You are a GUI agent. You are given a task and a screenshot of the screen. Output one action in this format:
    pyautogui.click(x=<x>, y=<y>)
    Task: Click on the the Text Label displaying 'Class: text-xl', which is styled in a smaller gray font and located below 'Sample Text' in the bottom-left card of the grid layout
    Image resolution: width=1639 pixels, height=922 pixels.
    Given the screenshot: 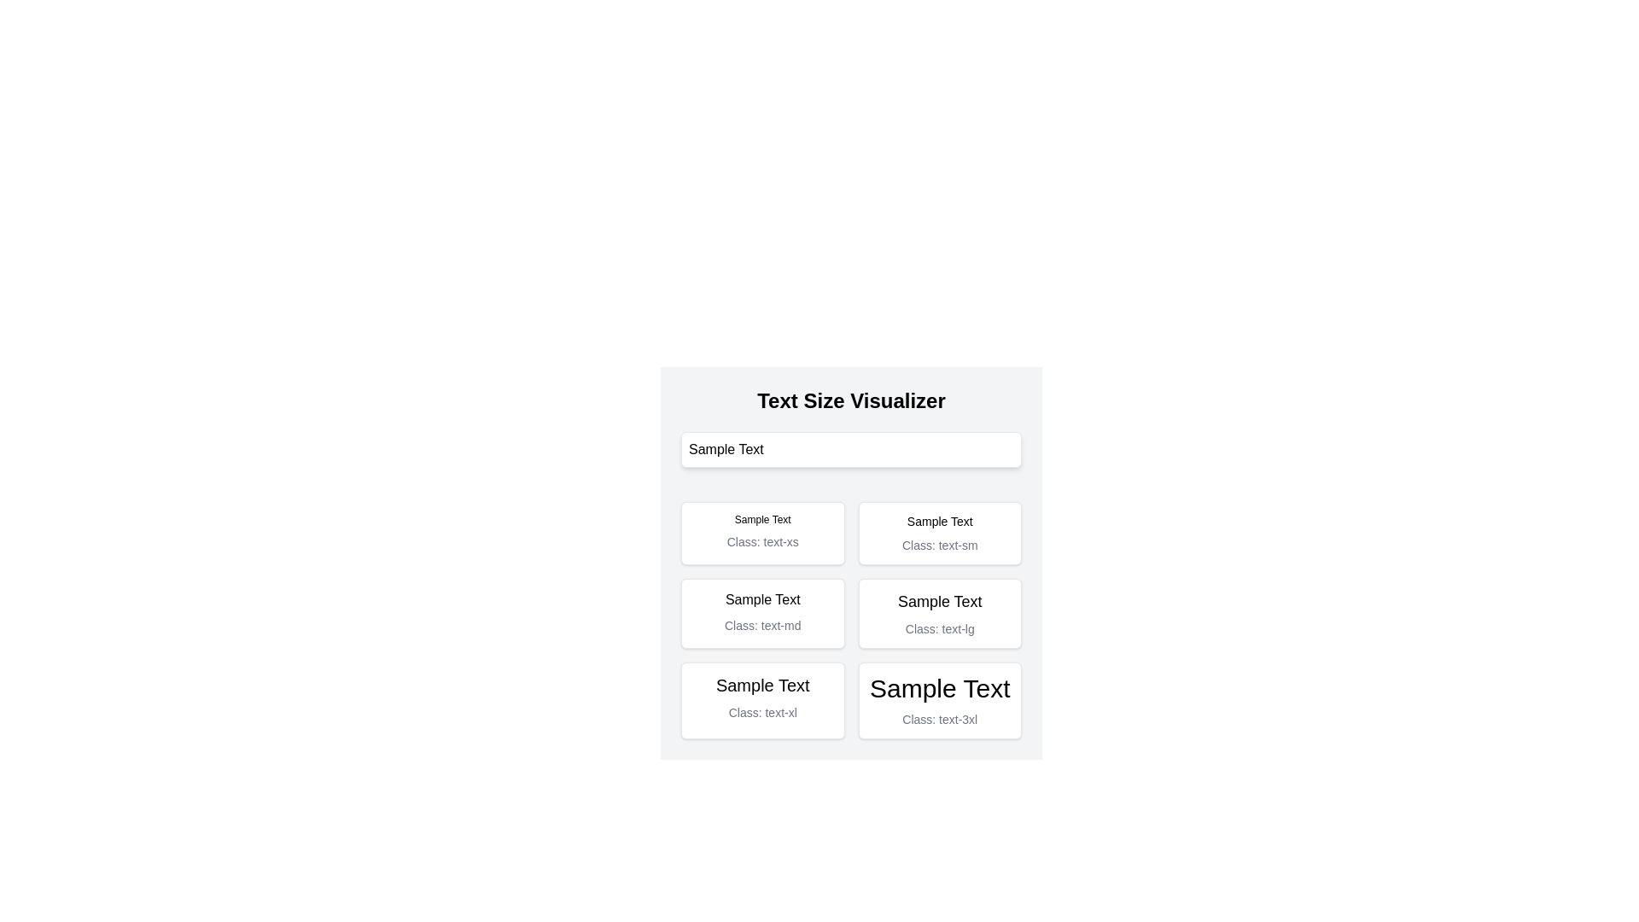 What is the action you would take?
    pyautogui.click(x=761, y=712)
    